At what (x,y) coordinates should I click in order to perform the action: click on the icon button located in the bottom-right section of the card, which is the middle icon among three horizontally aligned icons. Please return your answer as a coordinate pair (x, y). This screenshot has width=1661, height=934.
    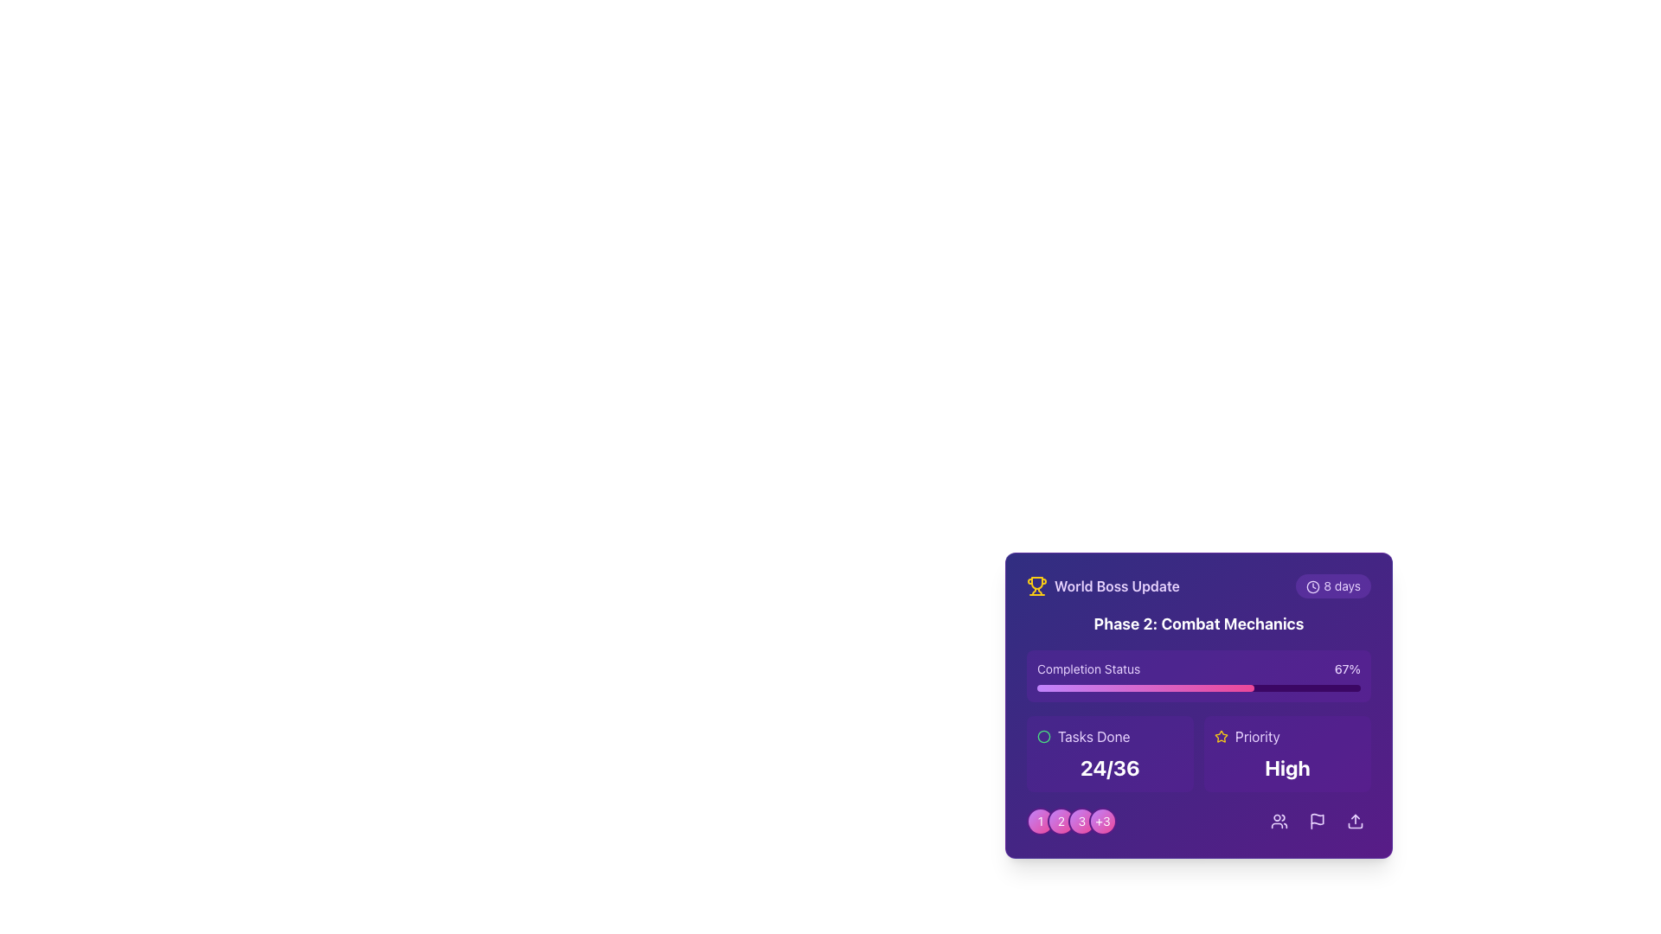
    Looking at the image, I should click on (1316, 820).